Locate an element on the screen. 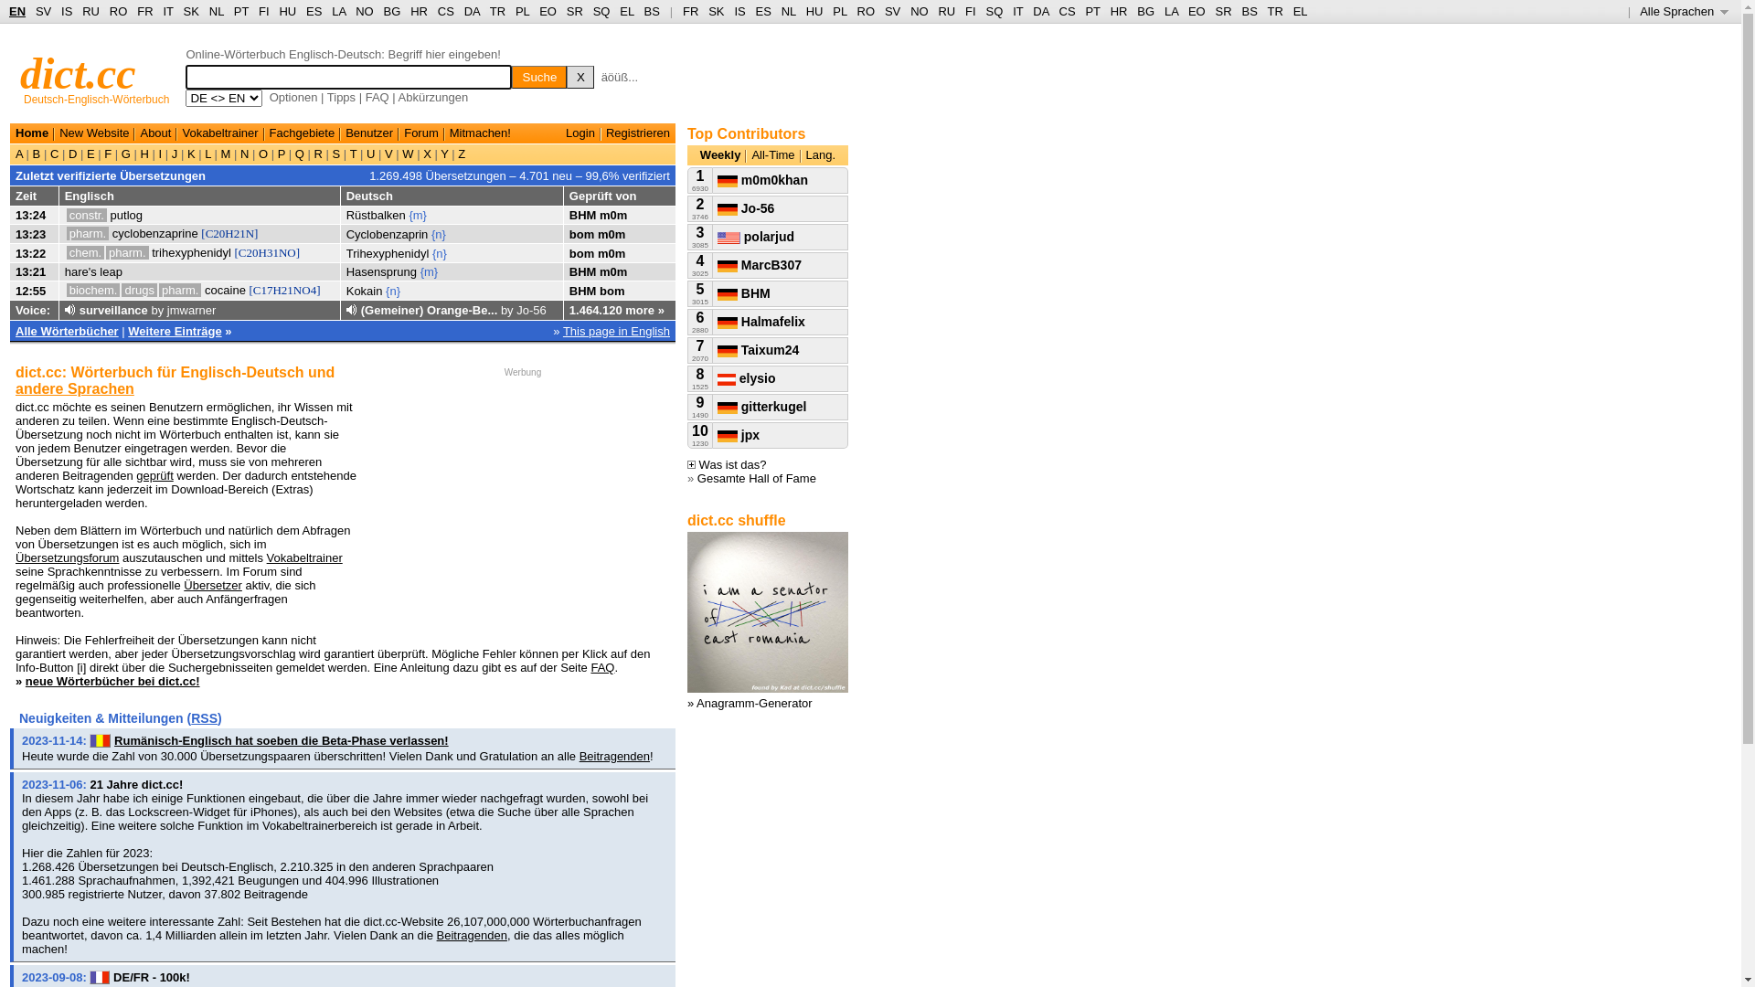 This screenshot has height=987, width=1755. 'U' is located at coordinates (369, 153).